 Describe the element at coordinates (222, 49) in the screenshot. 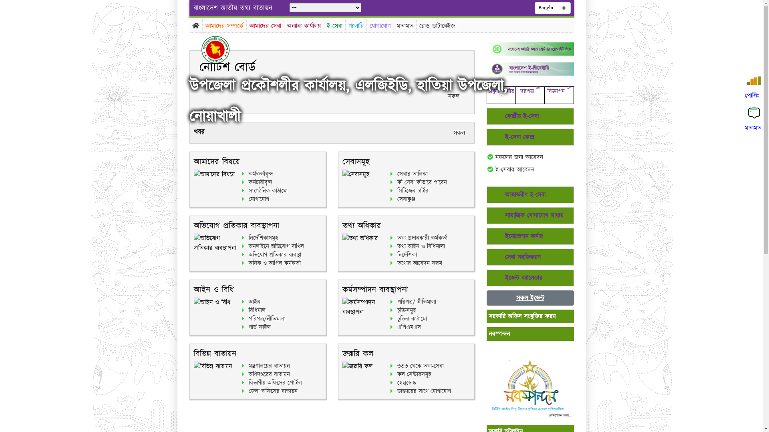

I see `'` at that location.